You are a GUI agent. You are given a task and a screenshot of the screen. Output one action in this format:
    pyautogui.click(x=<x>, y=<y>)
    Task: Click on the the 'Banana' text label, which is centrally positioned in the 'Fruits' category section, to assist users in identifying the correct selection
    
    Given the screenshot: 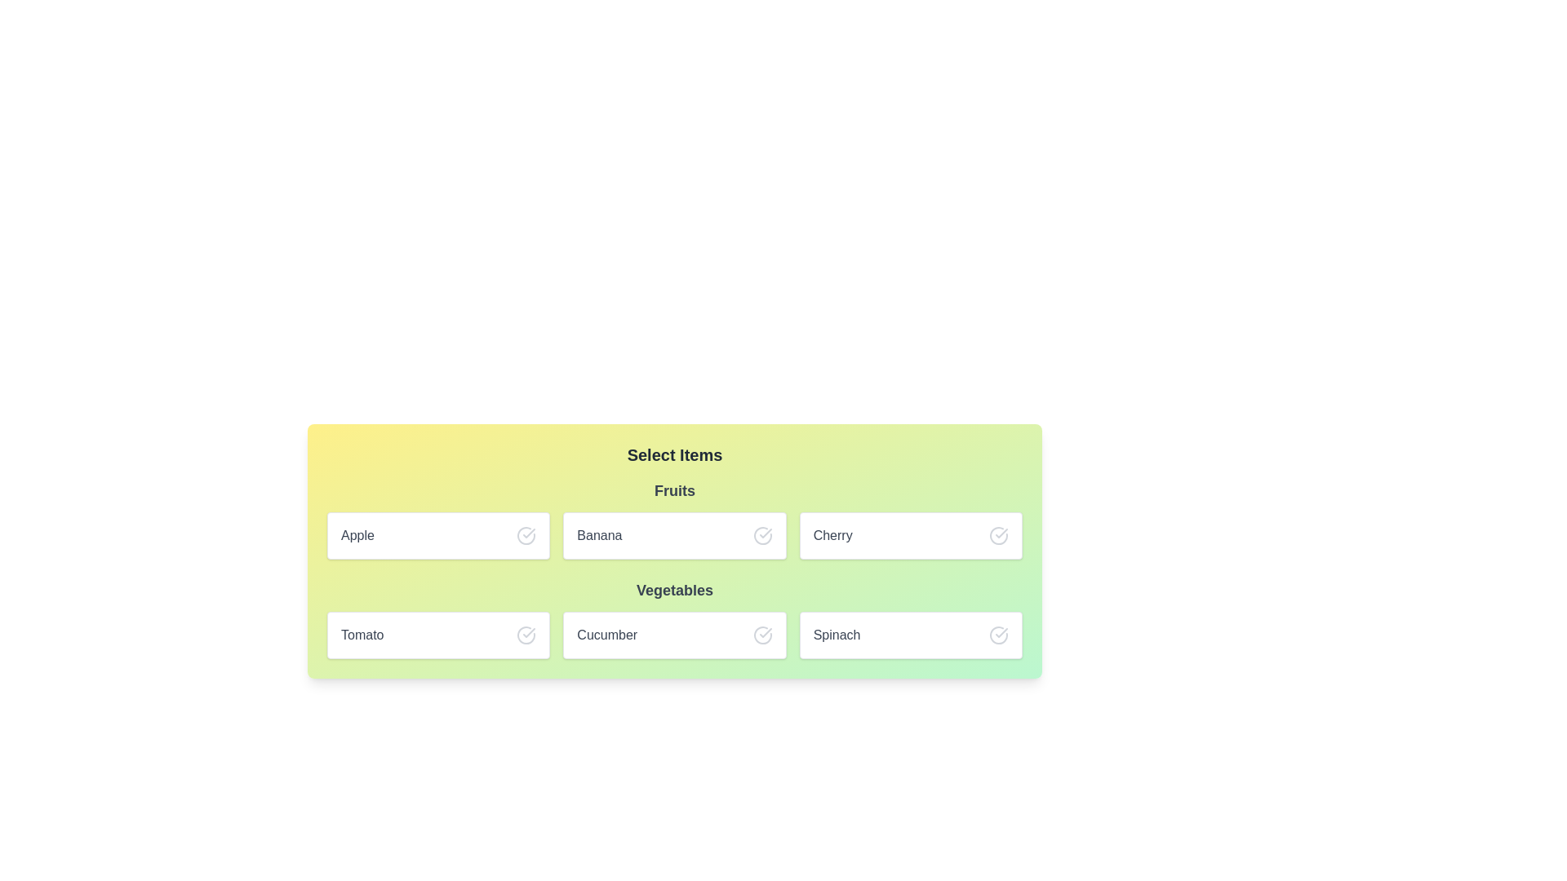 What is the action you would take?
    pyautogui.click(x=598, y=535)
    